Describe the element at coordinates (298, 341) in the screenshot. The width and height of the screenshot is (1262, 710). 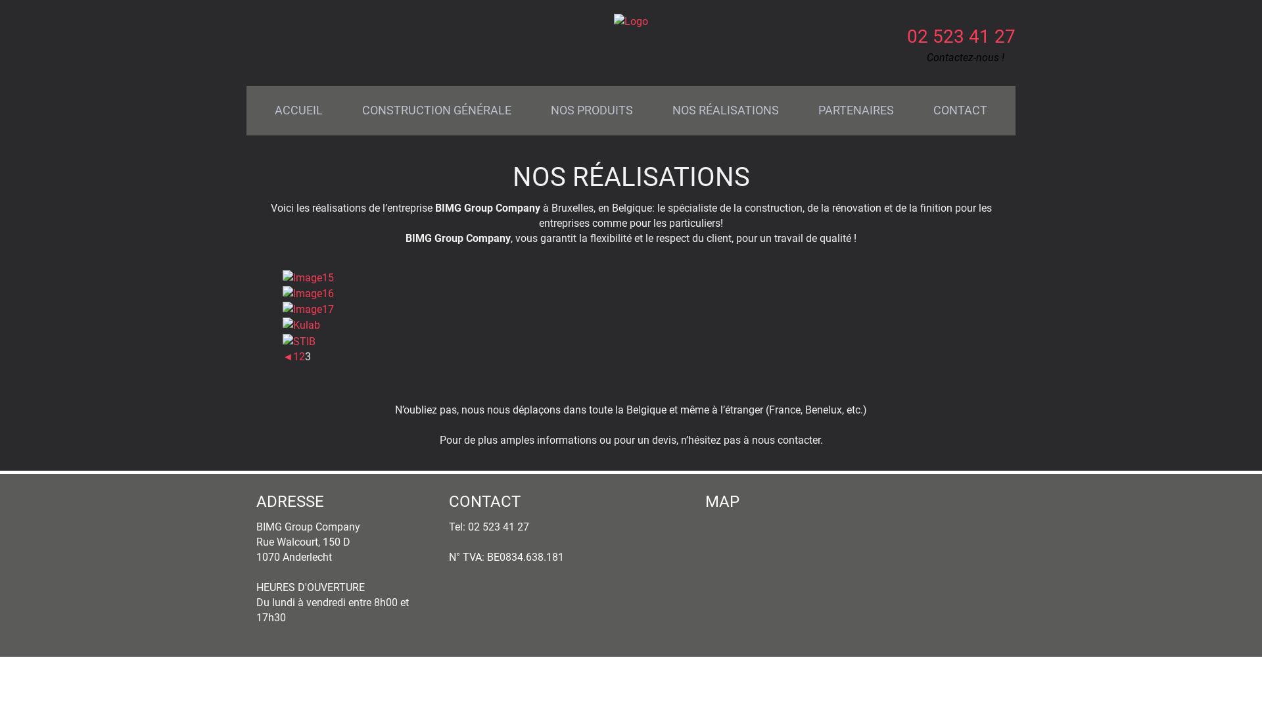
I see `'STIB'` at that location.